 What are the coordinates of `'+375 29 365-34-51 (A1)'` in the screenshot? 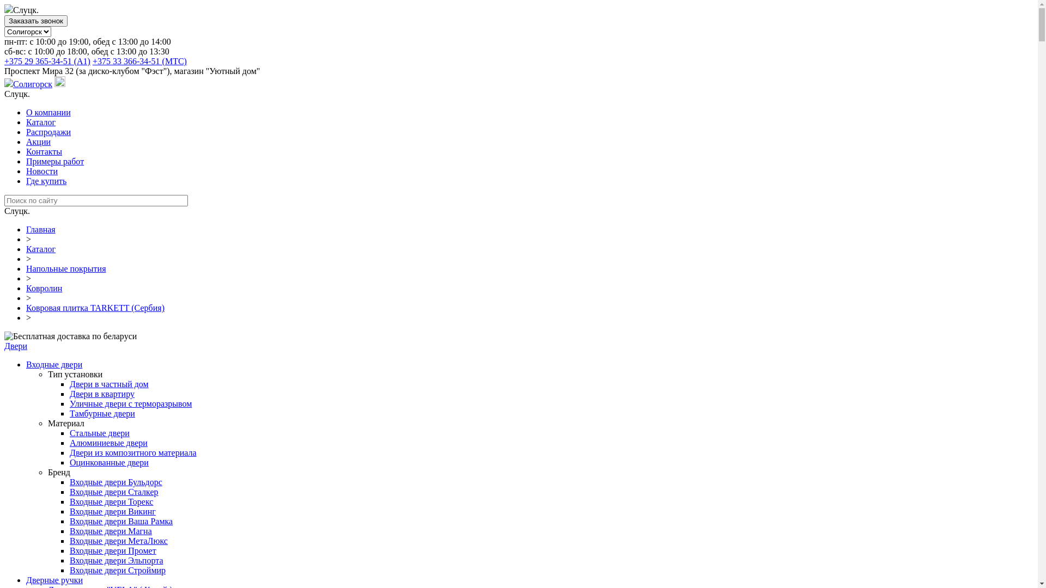 It's located at (4, 61).